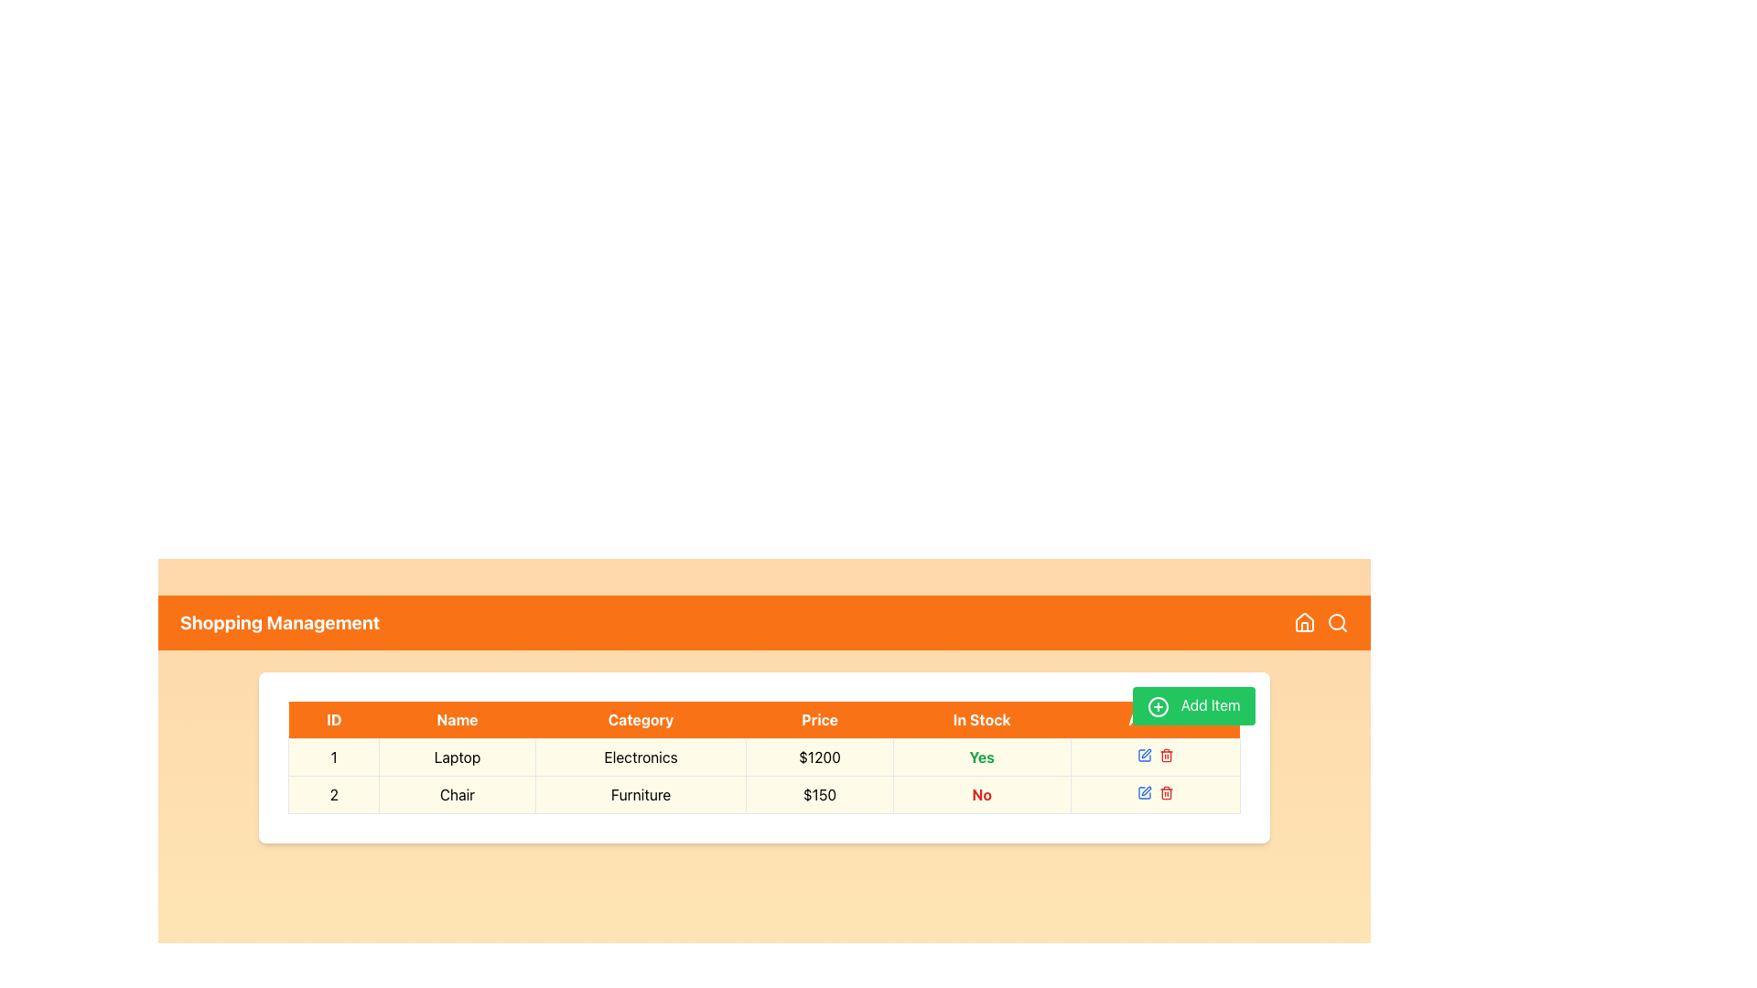  I want to click on the delete icon button located in the bottom-right section of the table corresponding to the 'Chair' item, so click(1165, 792).